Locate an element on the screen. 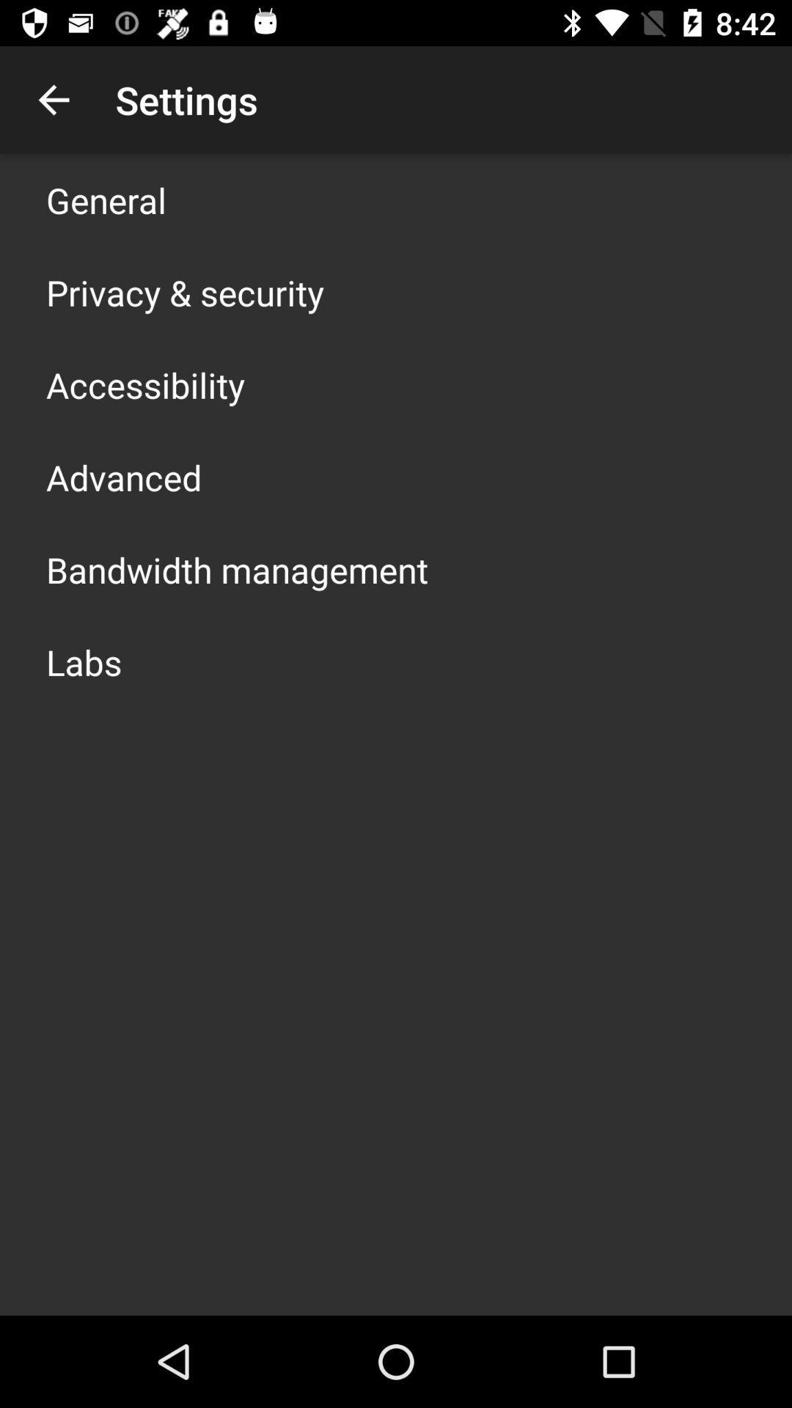  general icon is located at coordinates (106, 199).